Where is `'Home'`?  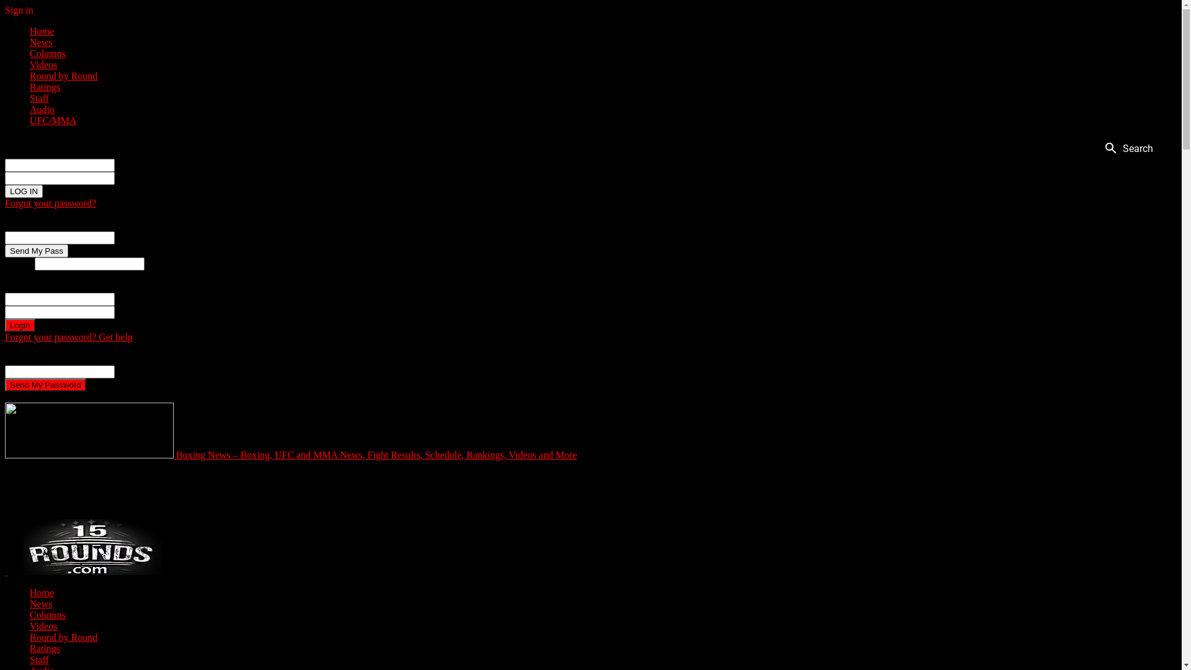
'Home' is located at coordinates (42, 30).